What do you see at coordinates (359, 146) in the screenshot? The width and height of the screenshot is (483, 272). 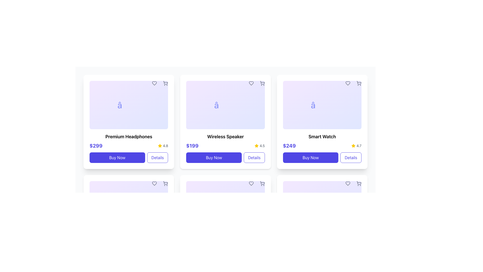 I see `displayed text '4.7' from the small gray text label located to the right of the yellow star icon in the third product card` at bounding box center [359, 146].